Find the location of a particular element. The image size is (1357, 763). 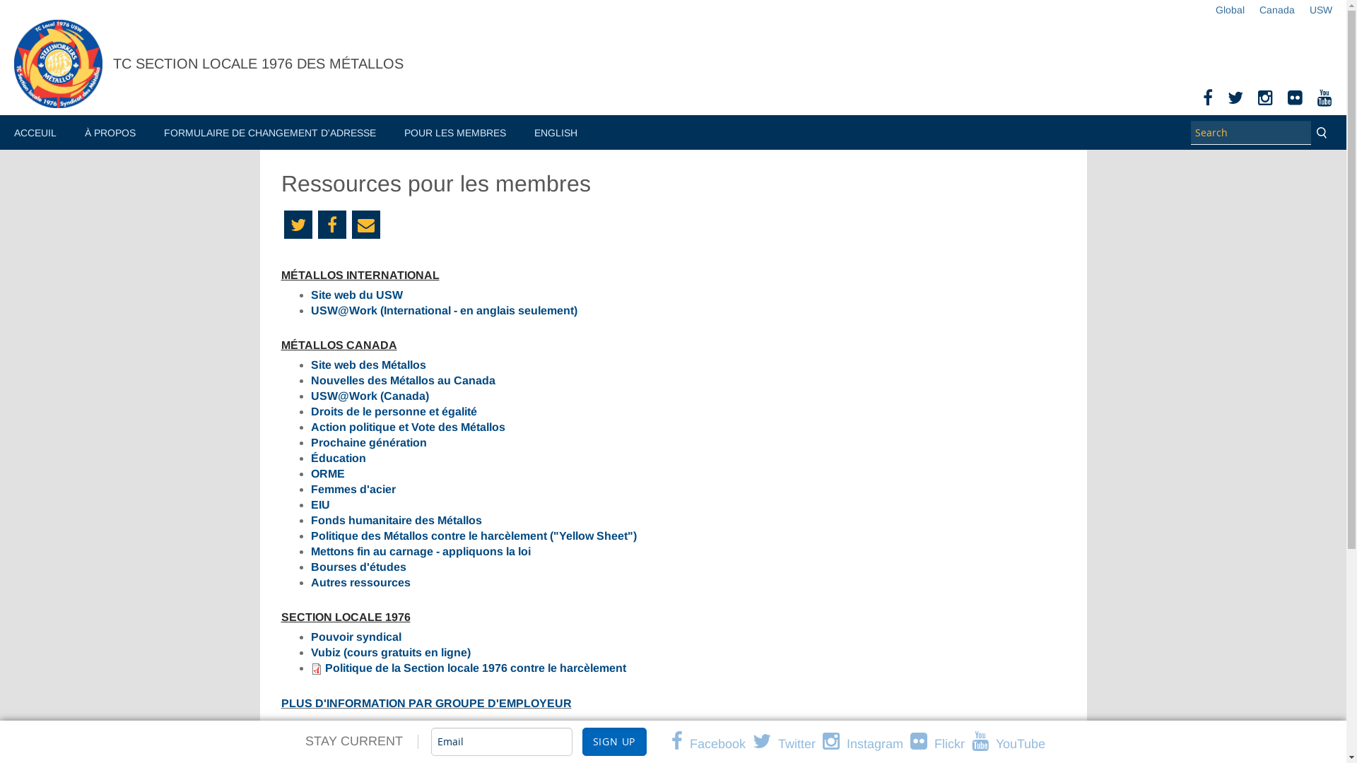

'Instagram' is located at coordinates (1265, 99).